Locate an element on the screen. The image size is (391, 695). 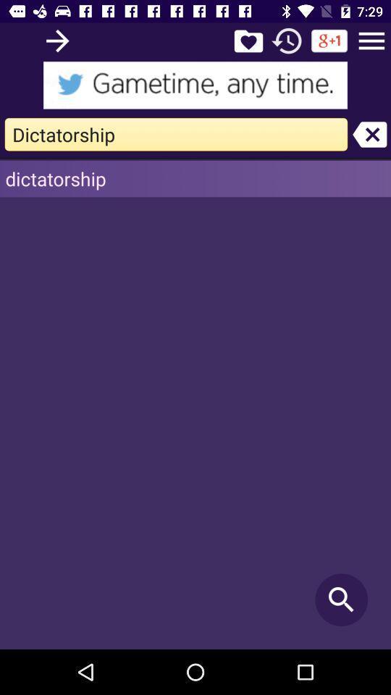
clear search bar is located at coordinates (369, 134).